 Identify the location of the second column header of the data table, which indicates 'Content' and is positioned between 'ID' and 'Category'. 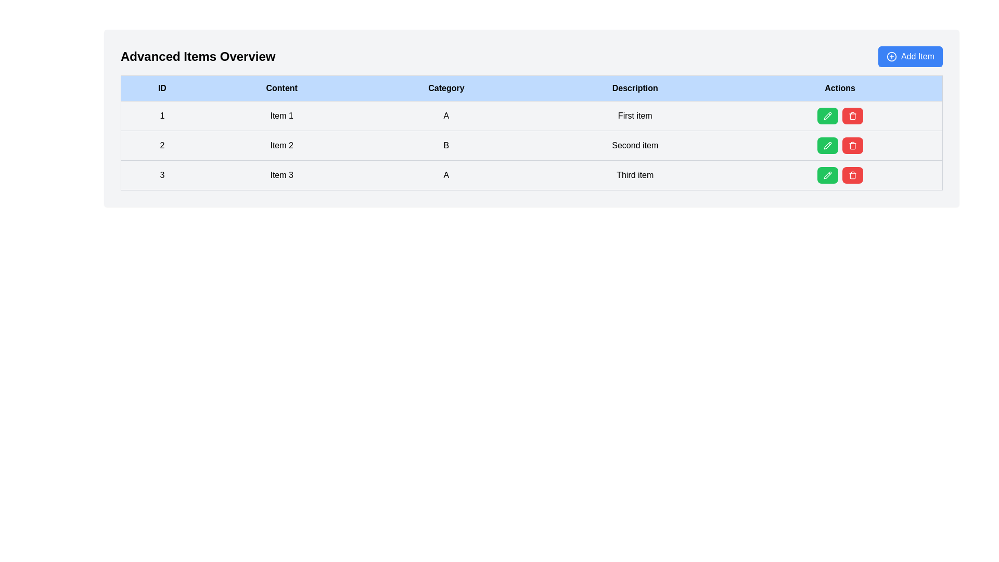
(281, 87).